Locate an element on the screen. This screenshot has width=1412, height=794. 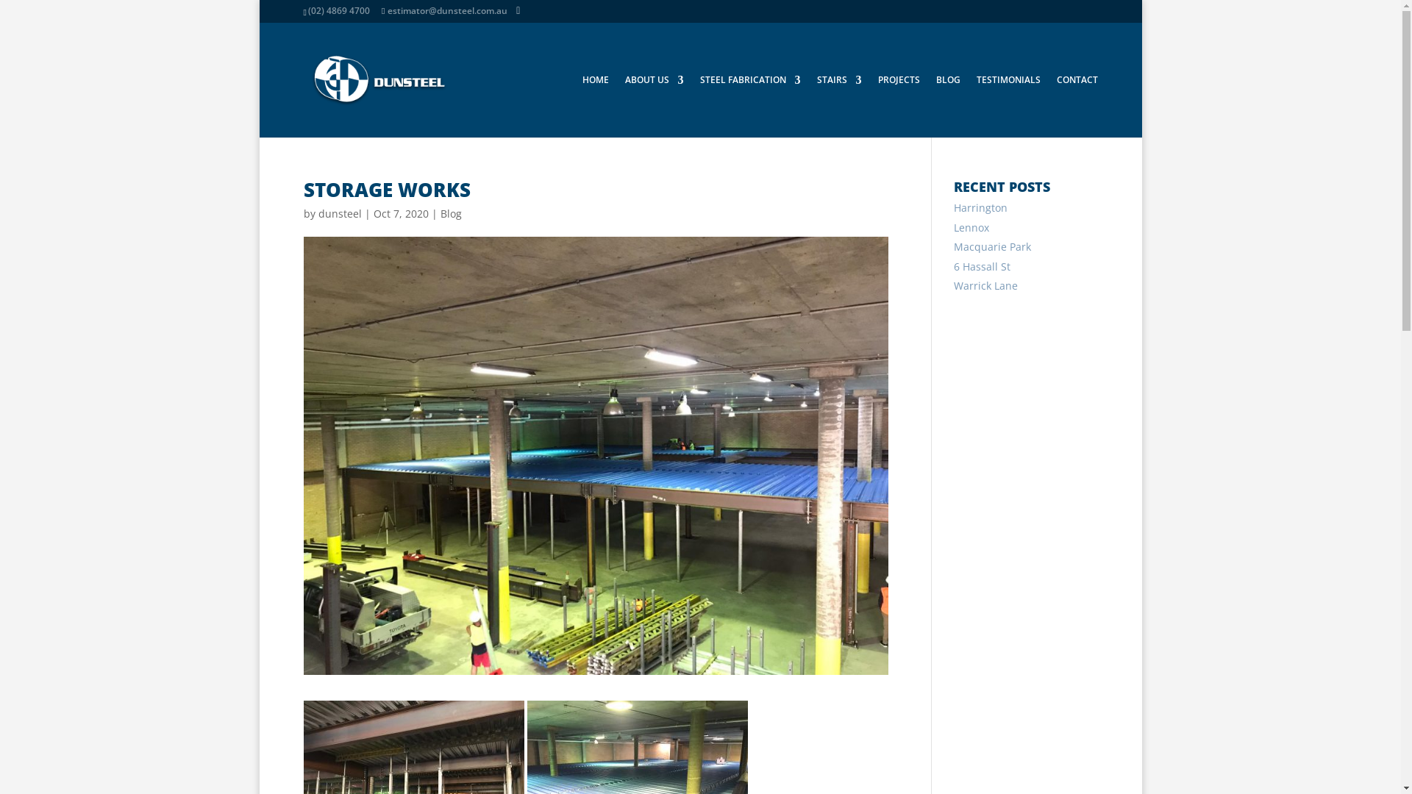
'STAIRS' is located at coordinates (838, 105).